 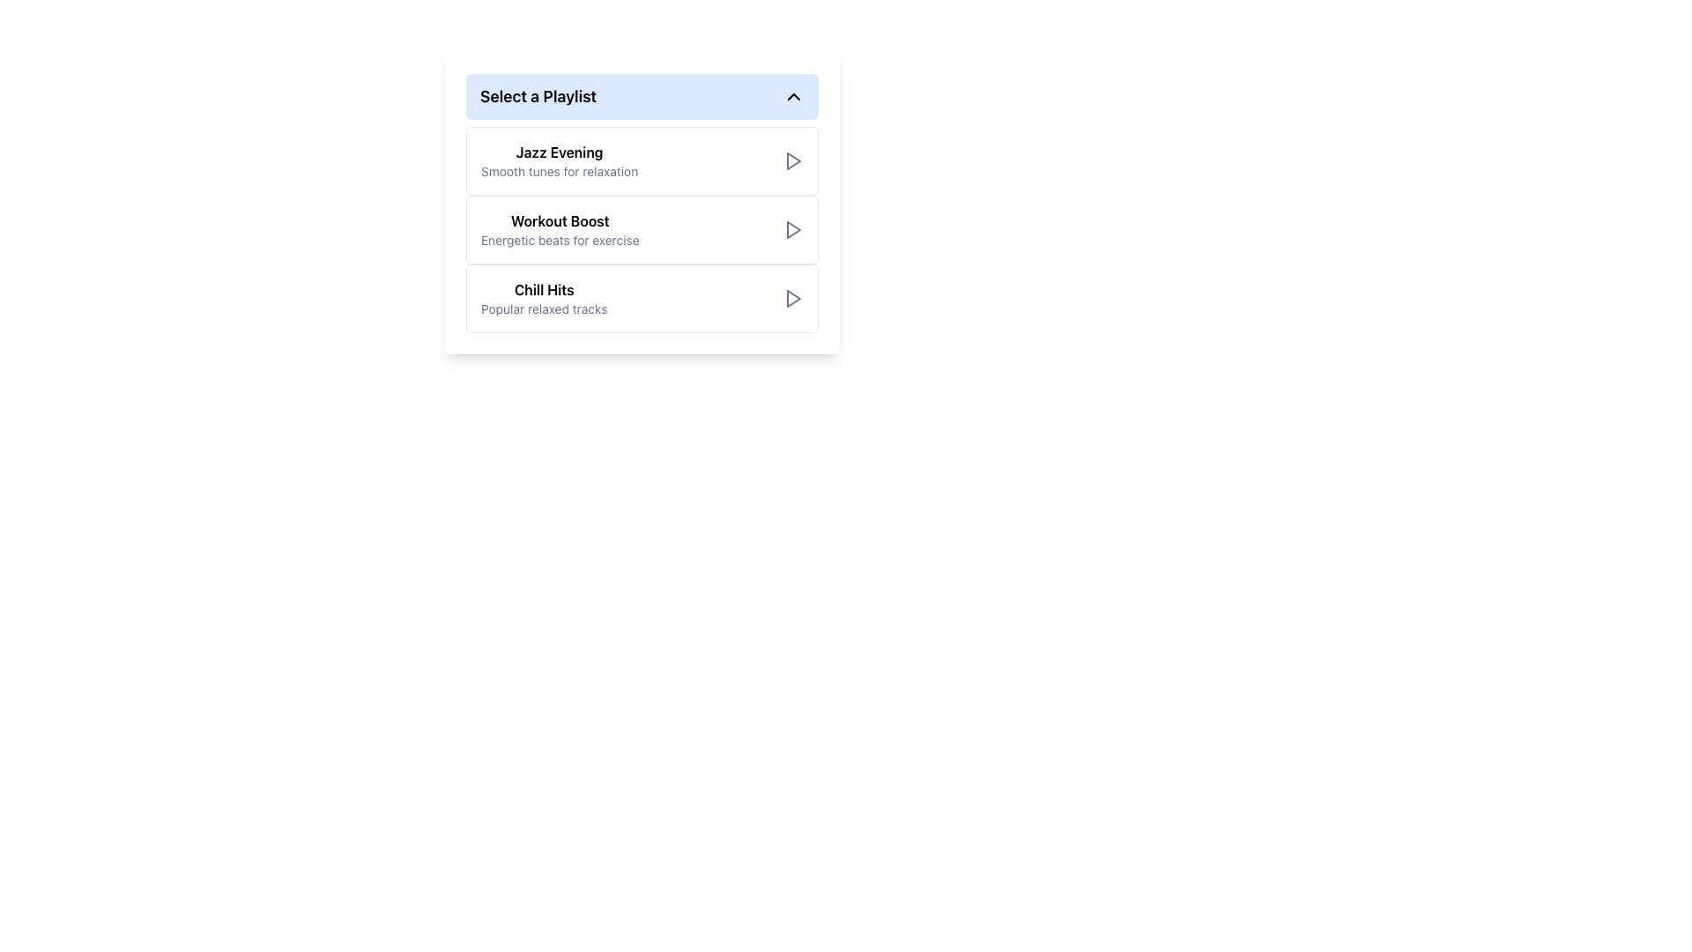 I want to click on the title of the 'Workout Boost' playlist option, which is located second from the top in the list within the 'Select a Playlist' card component, so click(x=559, y=219).